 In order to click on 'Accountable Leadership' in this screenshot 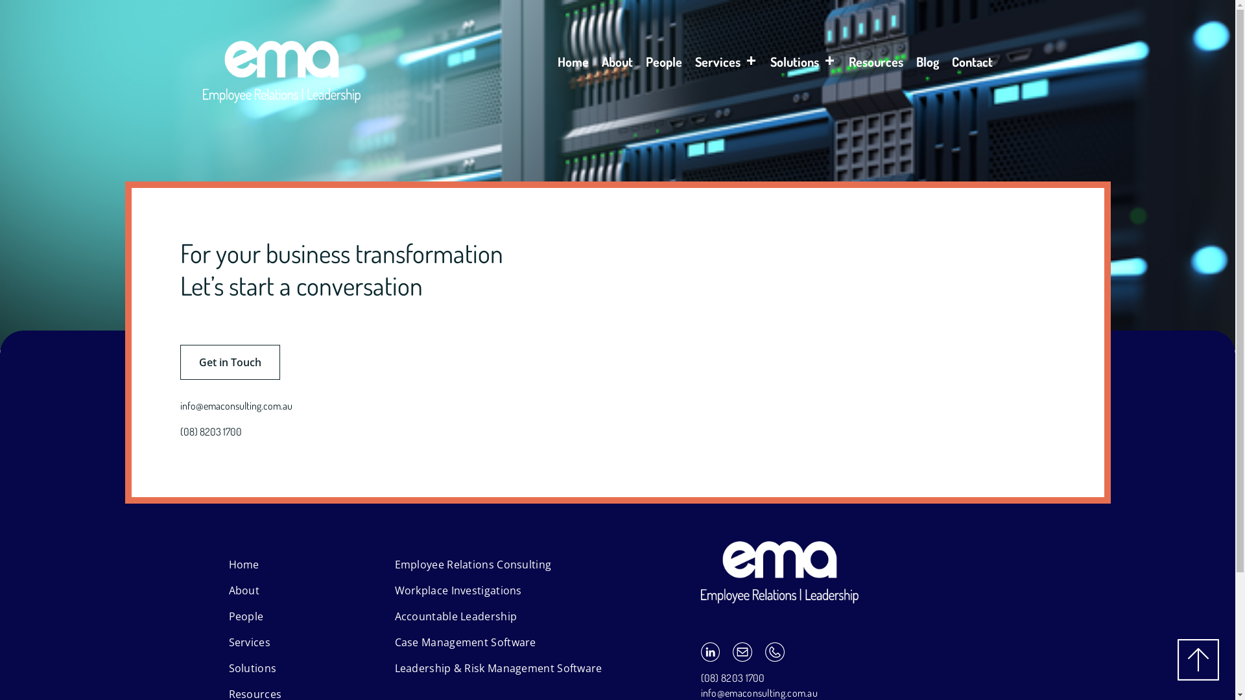, I will do `click(455, 616)`.